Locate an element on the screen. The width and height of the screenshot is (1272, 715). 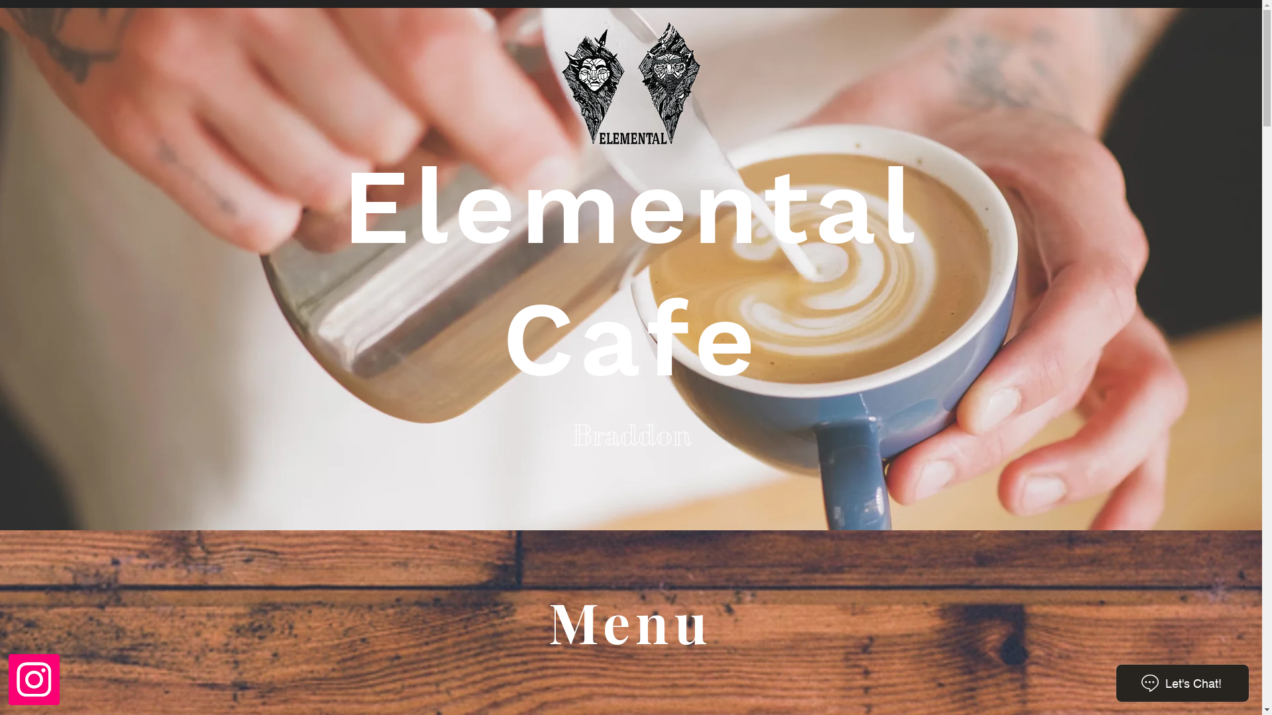
'Elemental Logo No background.png' is located at coordinates (631, 85).